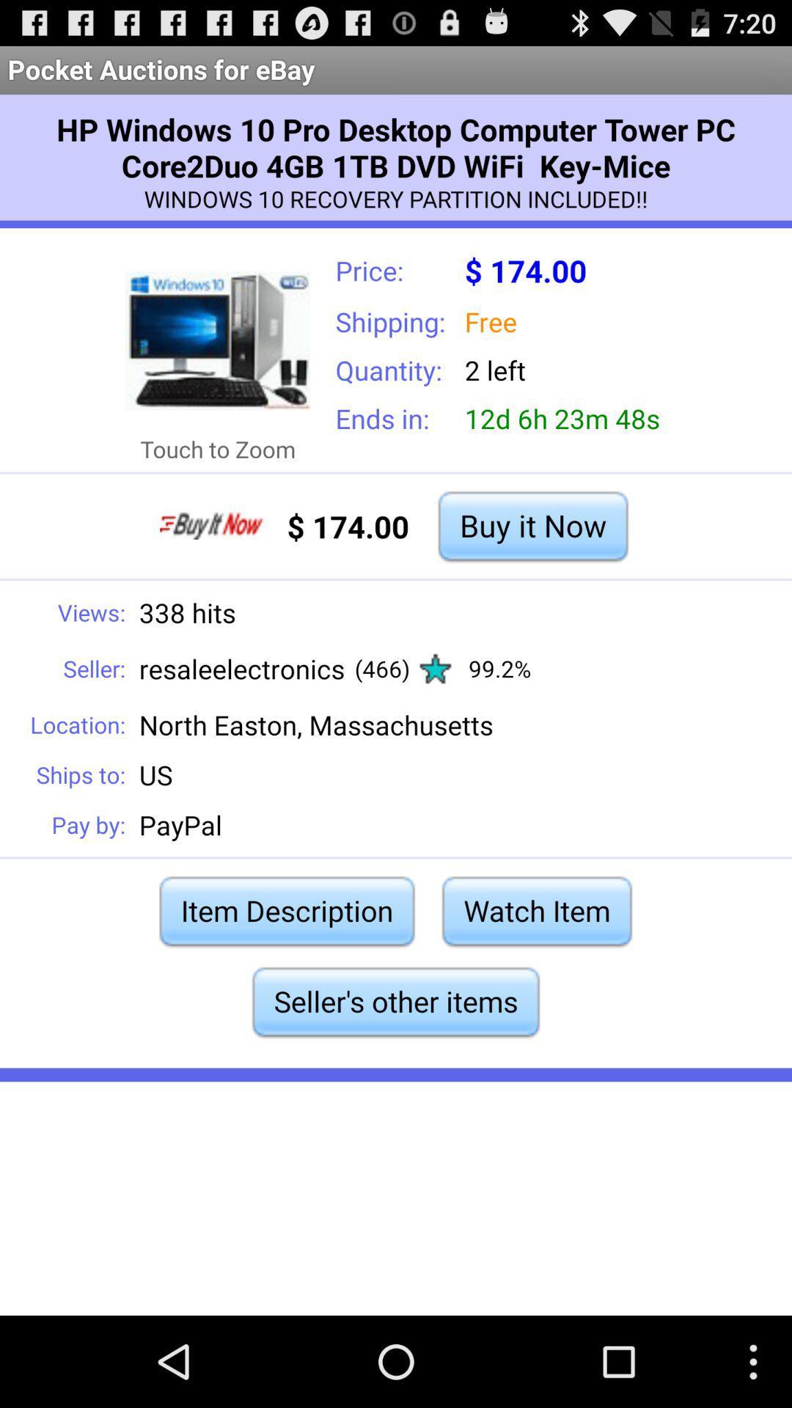 This screenshot has height=1408, width=792. I want to click on the watch item icon, so click(537, 910).